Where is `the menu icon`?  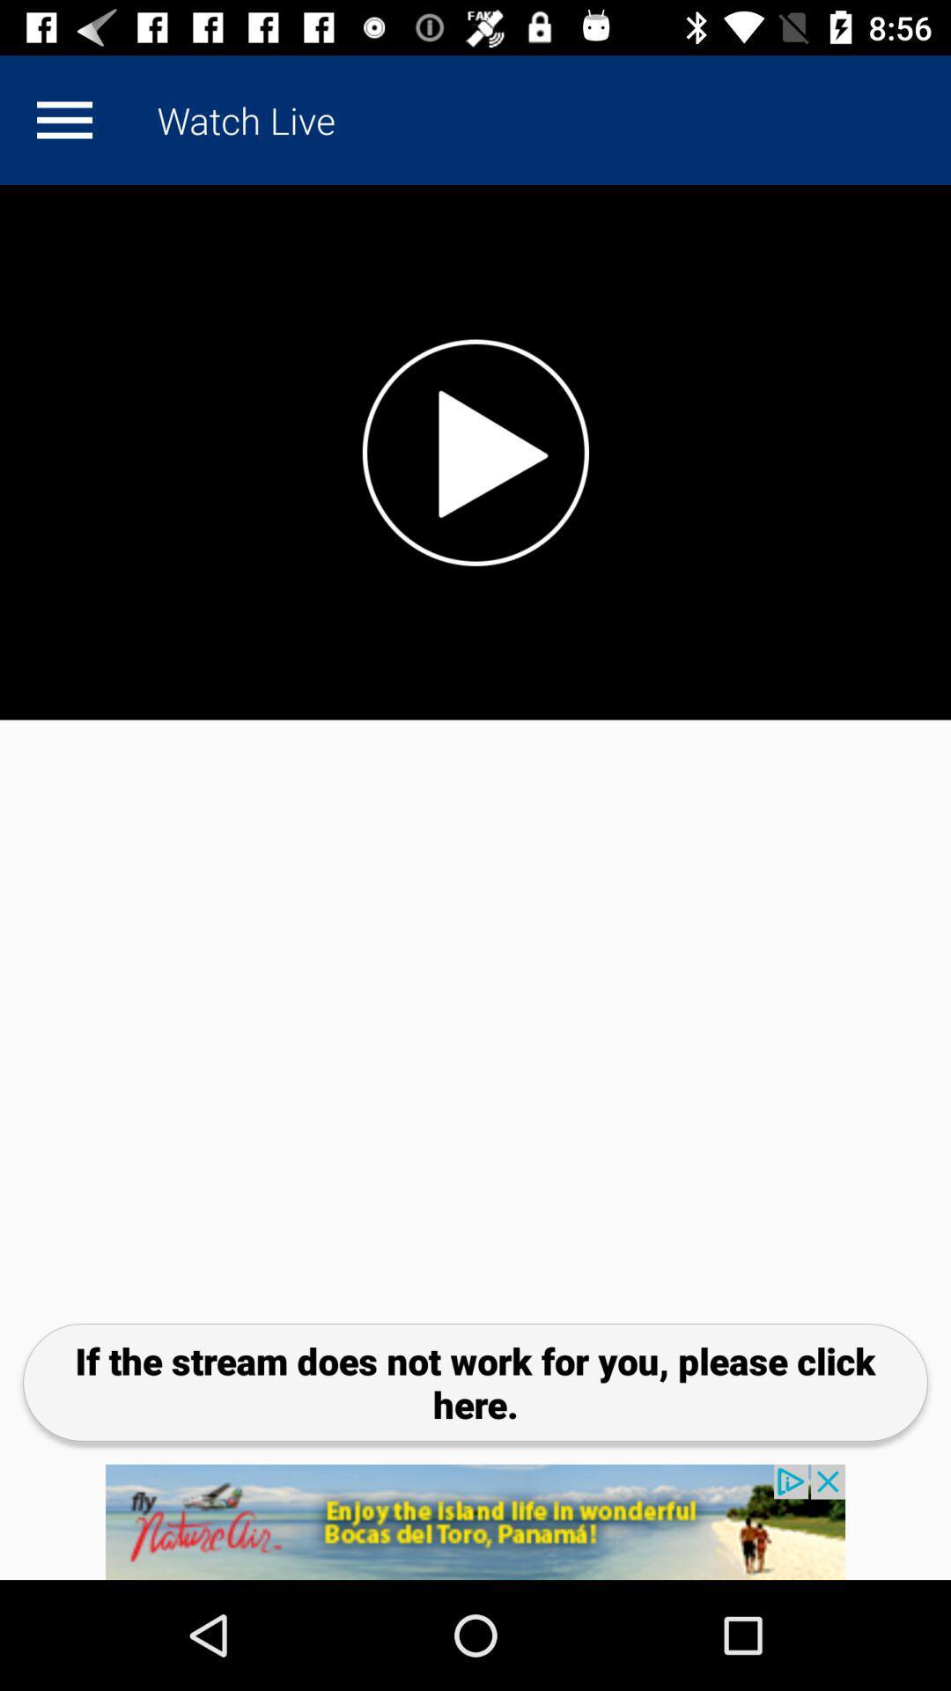
the menu icon is located at coordinates (63, 119).